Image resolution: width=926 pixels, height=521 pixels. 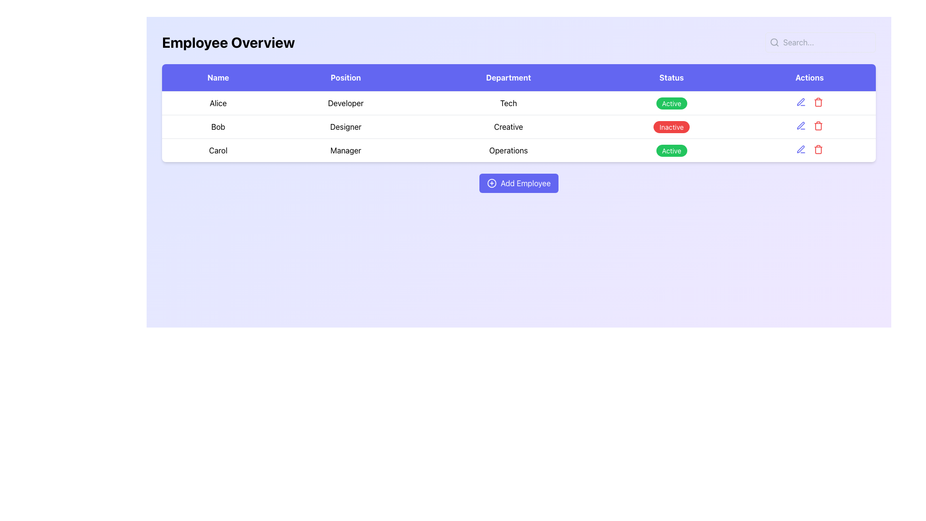 What do you see at coordinates (671, 151) in the screenshot?
I see `the Status Badge indicating the active status of the Operations department entry located in the Status column of the third row in the table layout` at bounding box center [671, 151].